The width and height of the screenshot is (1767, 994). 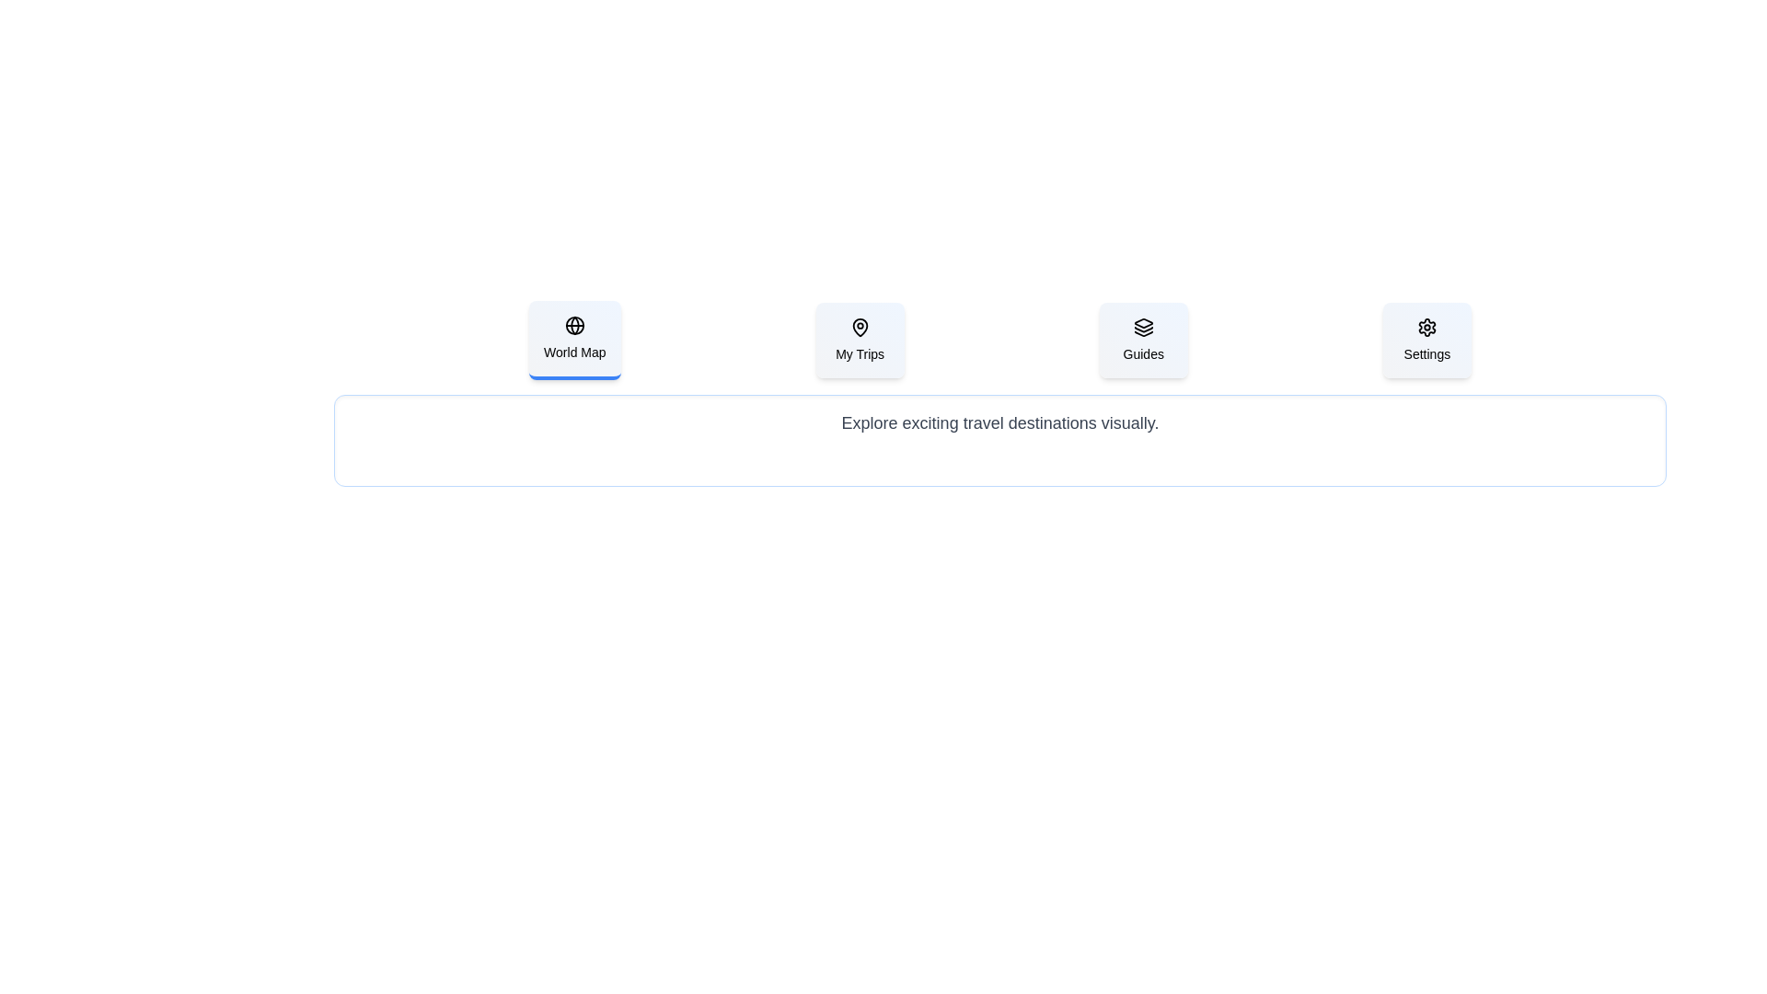 I want to click on the tab labeled Settings to view its associated content, so click(x=1426, y=341).